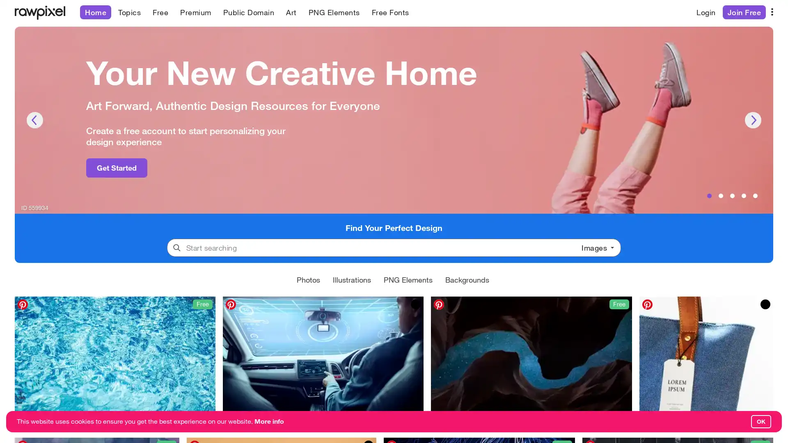 The image size is (788, 443). I want to click on PNG Elements, so click(408, 279).